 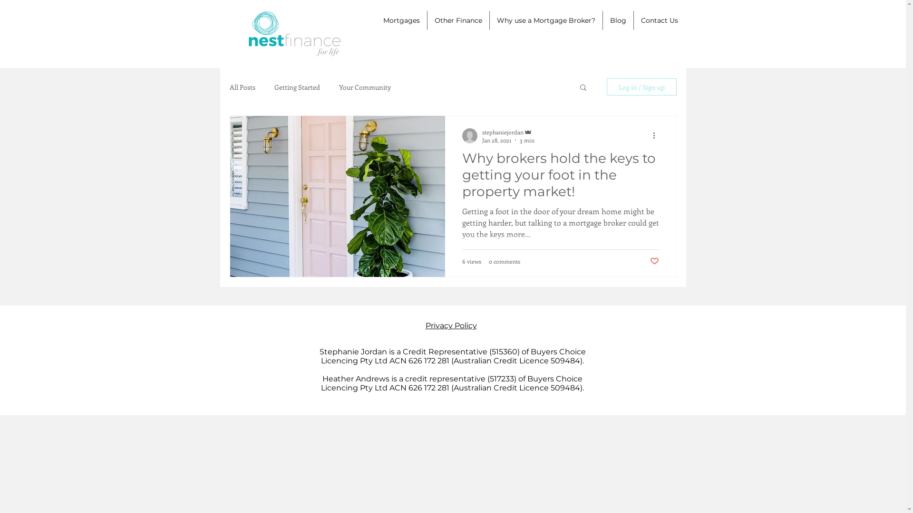 What do you see at coordinates (424, 325) in the screenshot?
I see `'Privacy Policy'` at bounding box center [424, 325].